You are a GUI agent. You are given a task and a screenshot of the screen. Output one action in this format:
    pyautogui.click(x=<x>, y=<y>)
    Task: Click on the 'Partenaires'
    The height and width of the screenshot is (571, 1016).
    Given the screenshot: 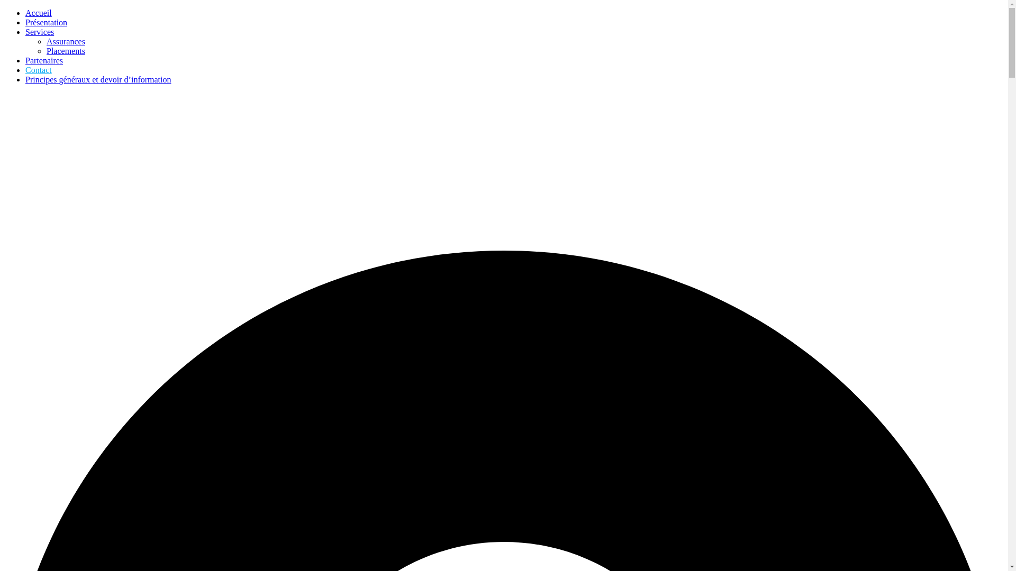 What is the action you would take?
    pyautogui.click(x=25, y=60)
    